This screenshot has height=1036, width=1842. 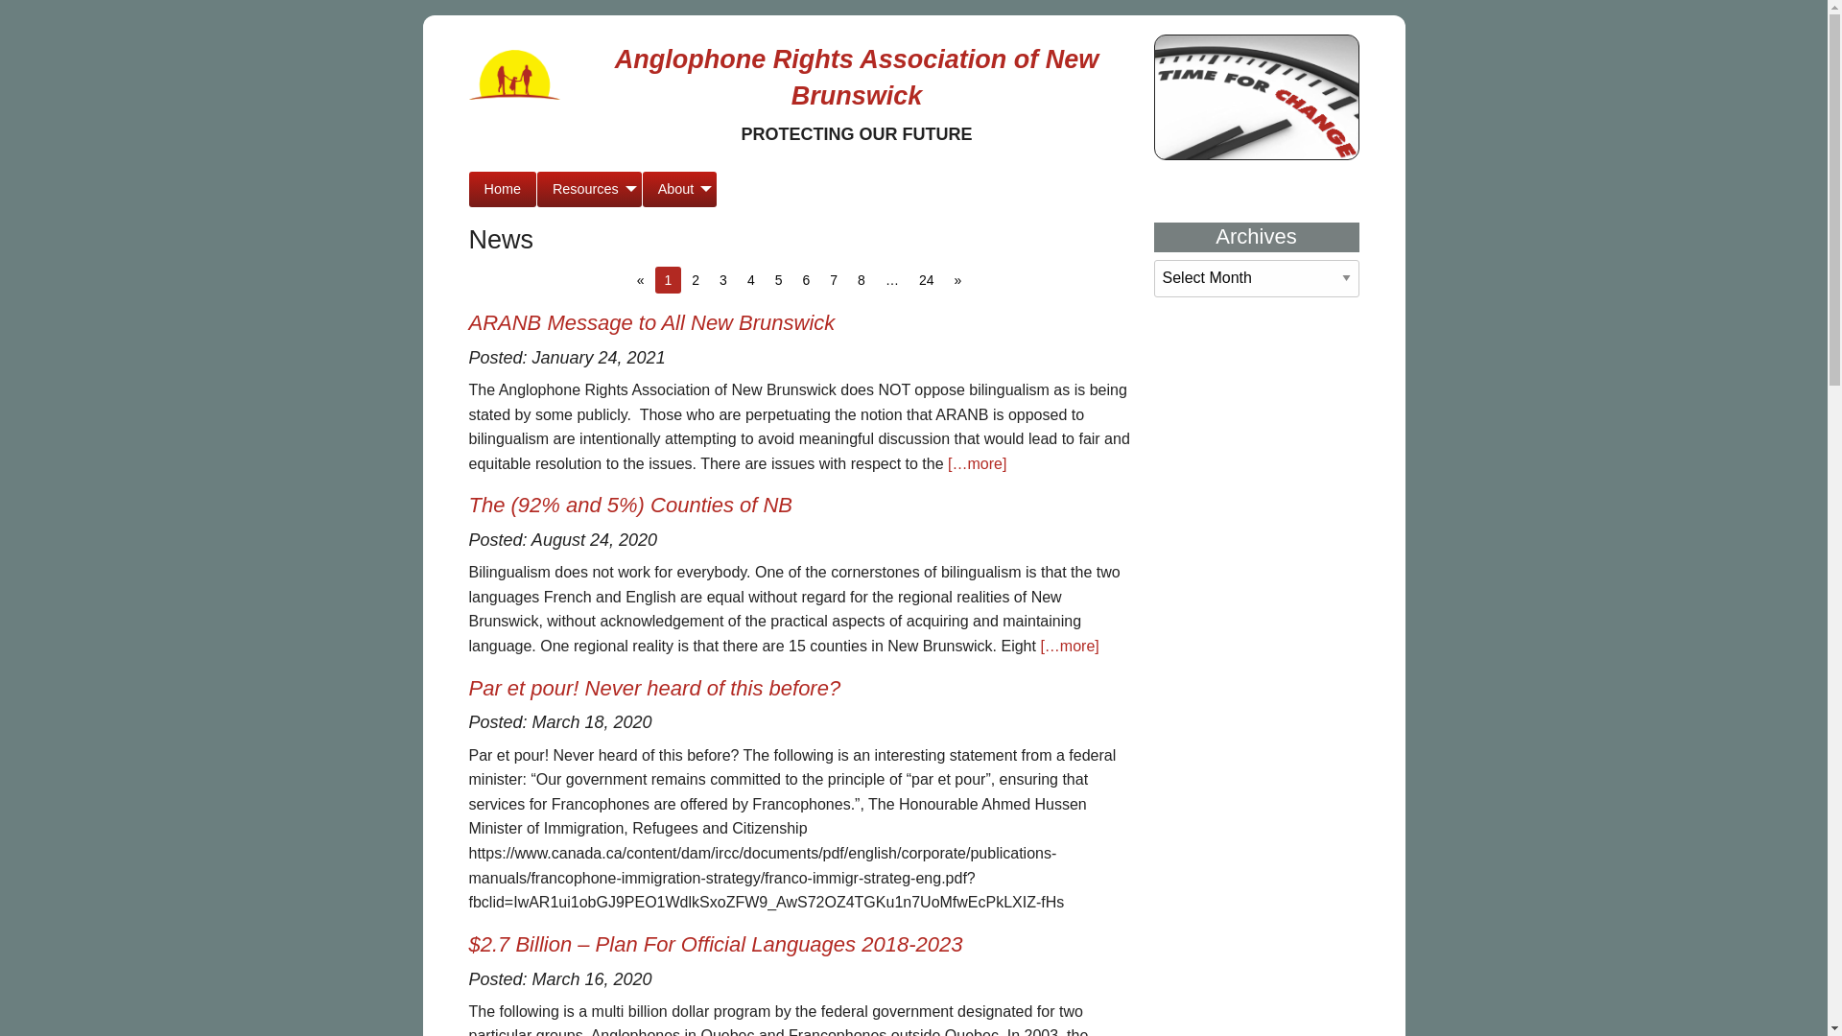 I want to click on 'Anglophone Rights Association of New Brunswick', so click(x=856, y=77).